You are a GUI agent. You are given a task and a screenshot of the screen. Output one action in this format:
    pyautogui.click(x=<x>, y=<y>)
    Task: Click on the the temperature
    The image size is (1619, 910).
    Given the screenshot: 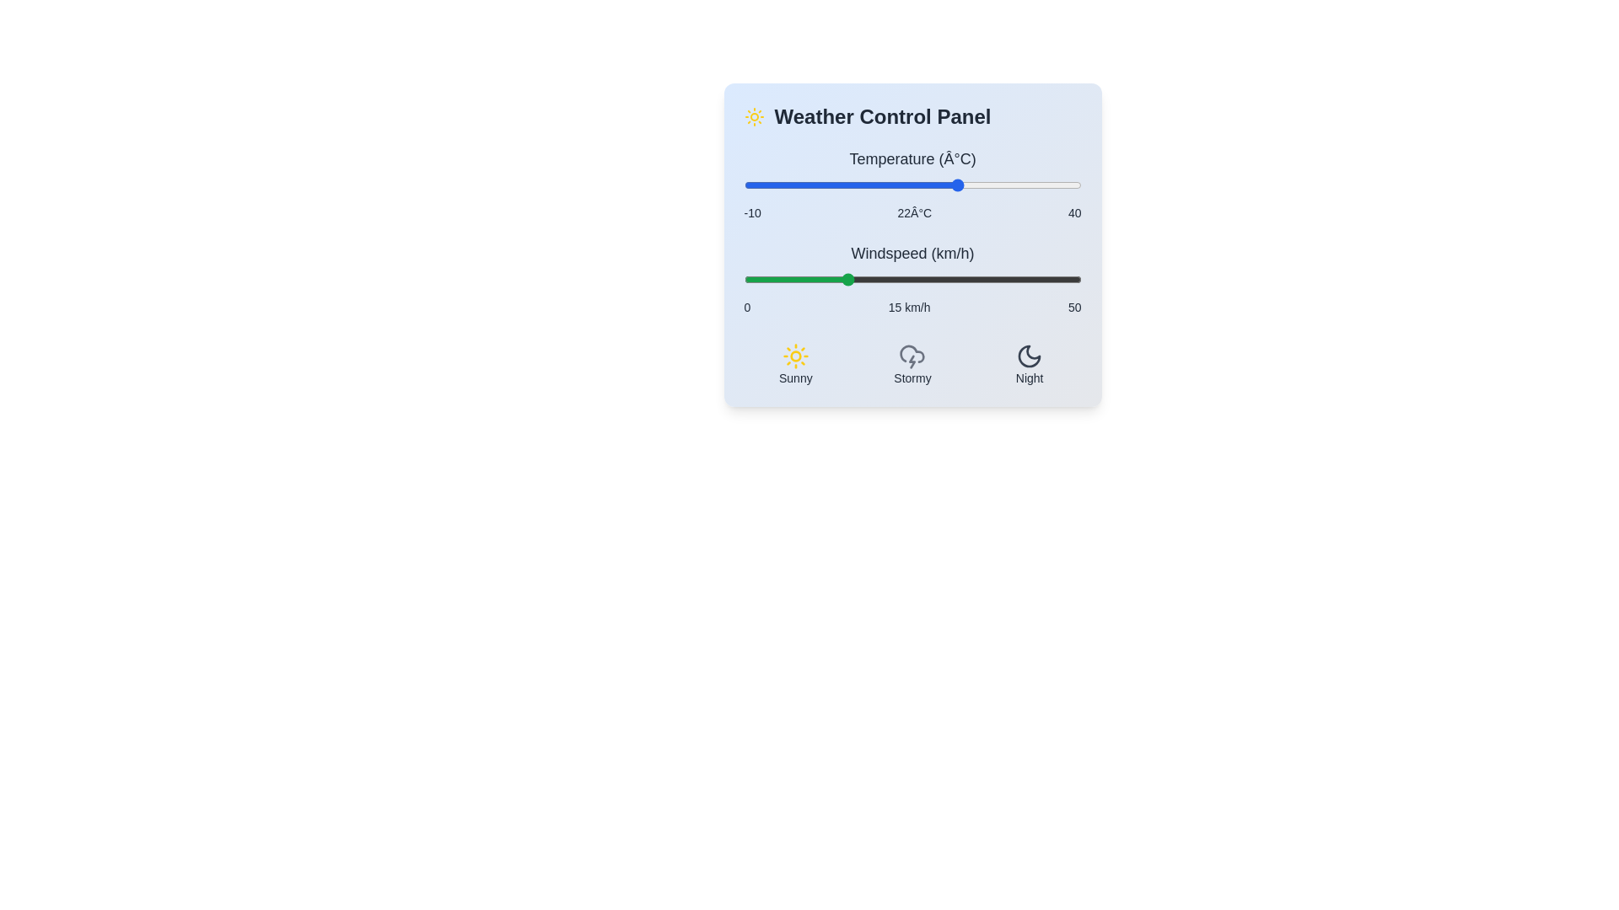 What is the action you would take?
    pyautogui.click(x=1019, y=185)
    